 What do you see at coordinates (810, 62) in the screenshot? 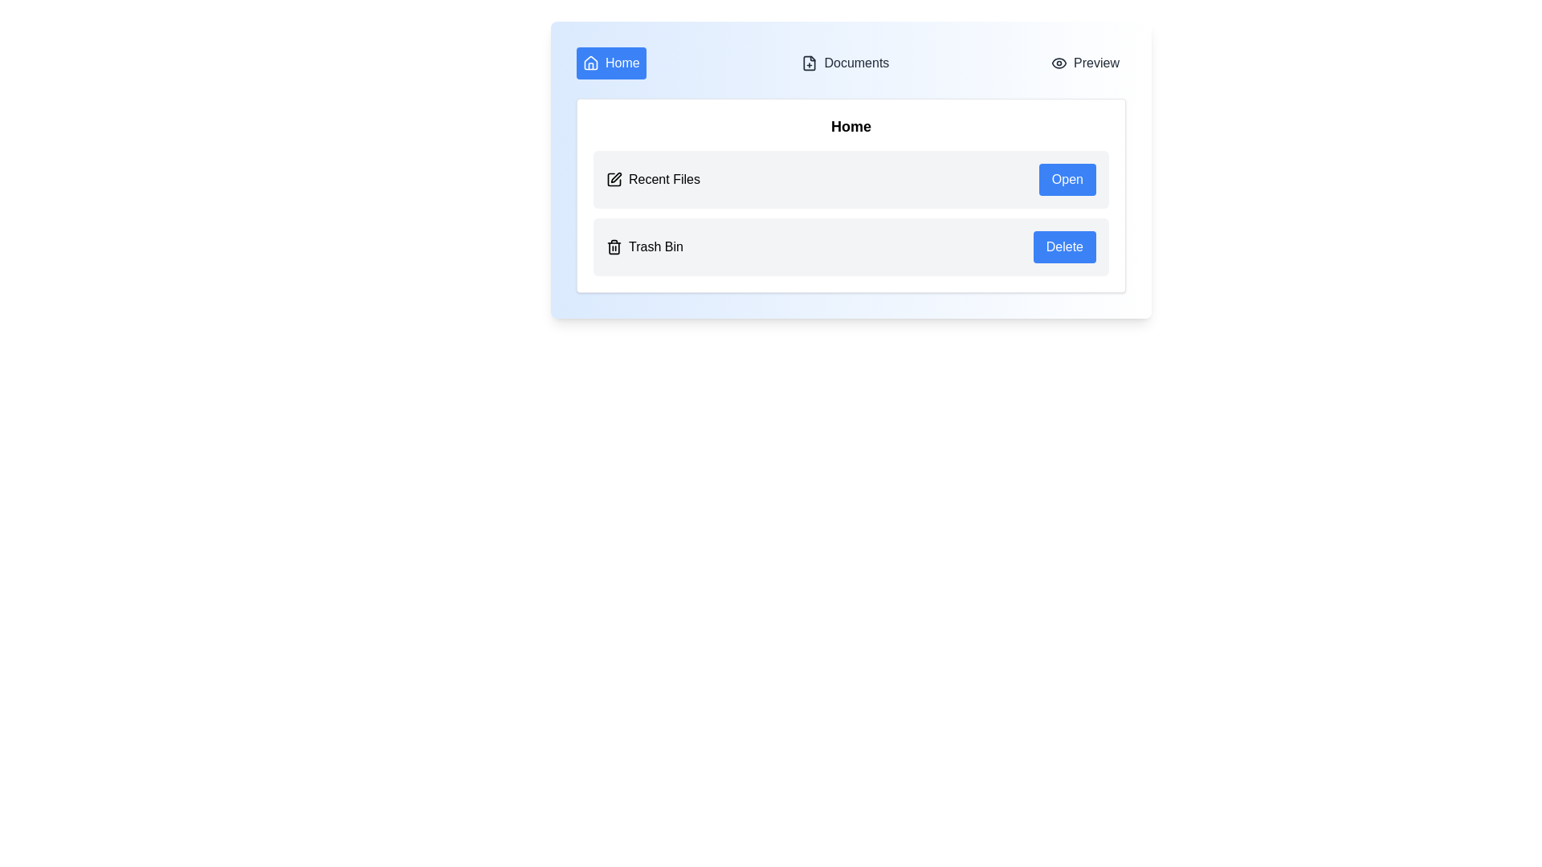
I see `the 'Documents' SVG icon located in the navigation bar at the top-center of the interface, positioned to the left of the 'Documents' text label` at bounding box center [810, 62].